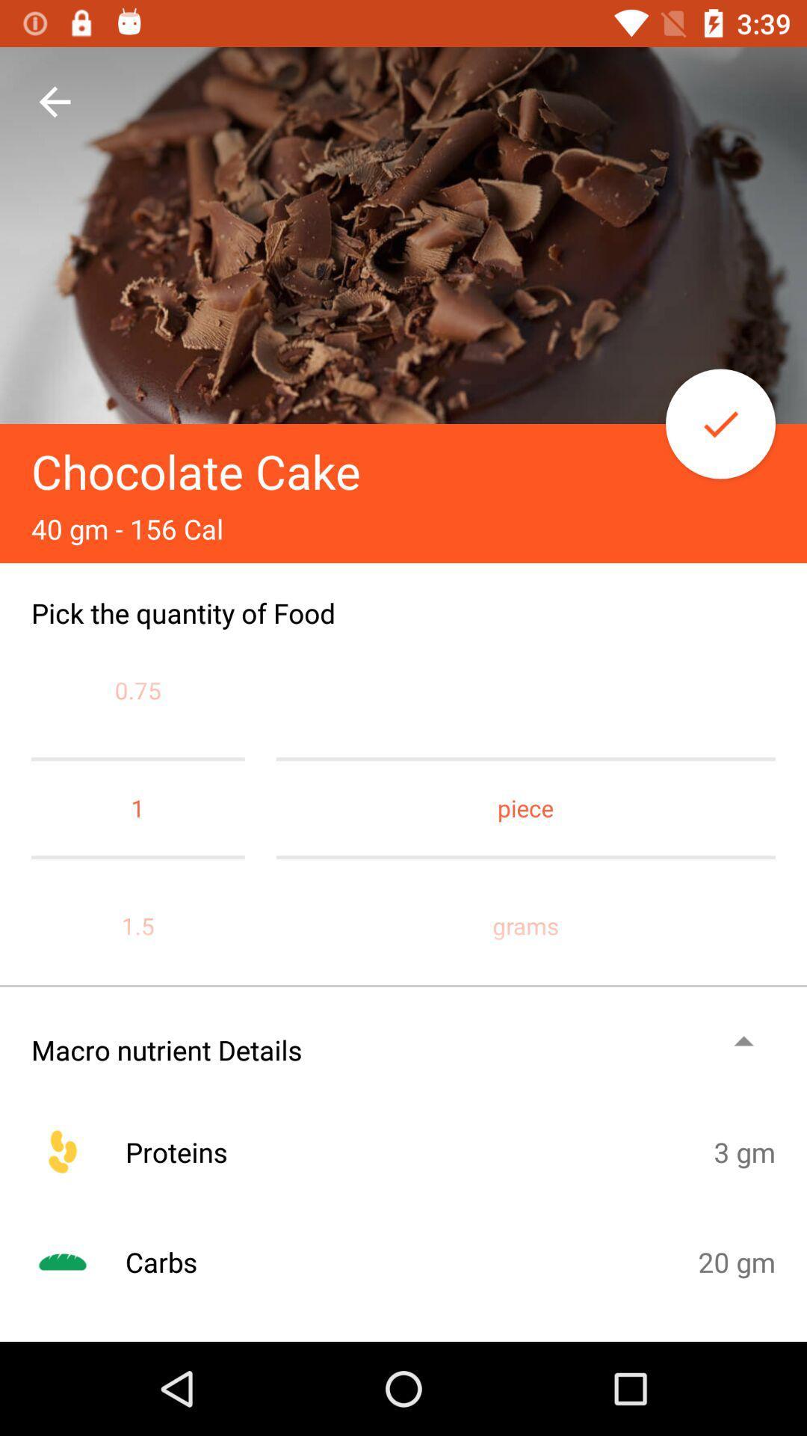 This screenshot has width=807, height=1436. Describe the element at coordinates (720, 423) in the screenshot. I see `the check icon` at that location.